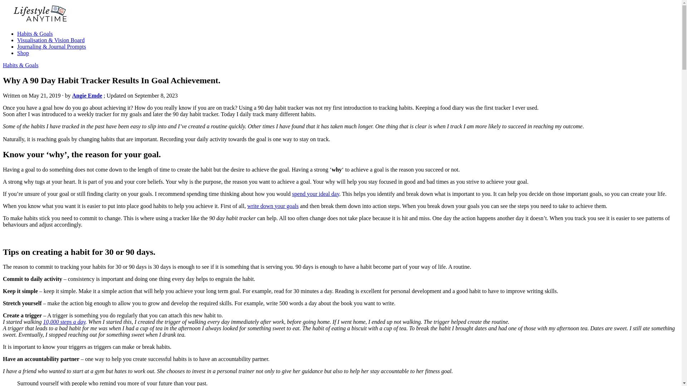 The width and height of the screenshot is (687, 386). Describe the element at coordinates (3, 65) in the screenshot. I see `'Habits & Goals'` at that location.